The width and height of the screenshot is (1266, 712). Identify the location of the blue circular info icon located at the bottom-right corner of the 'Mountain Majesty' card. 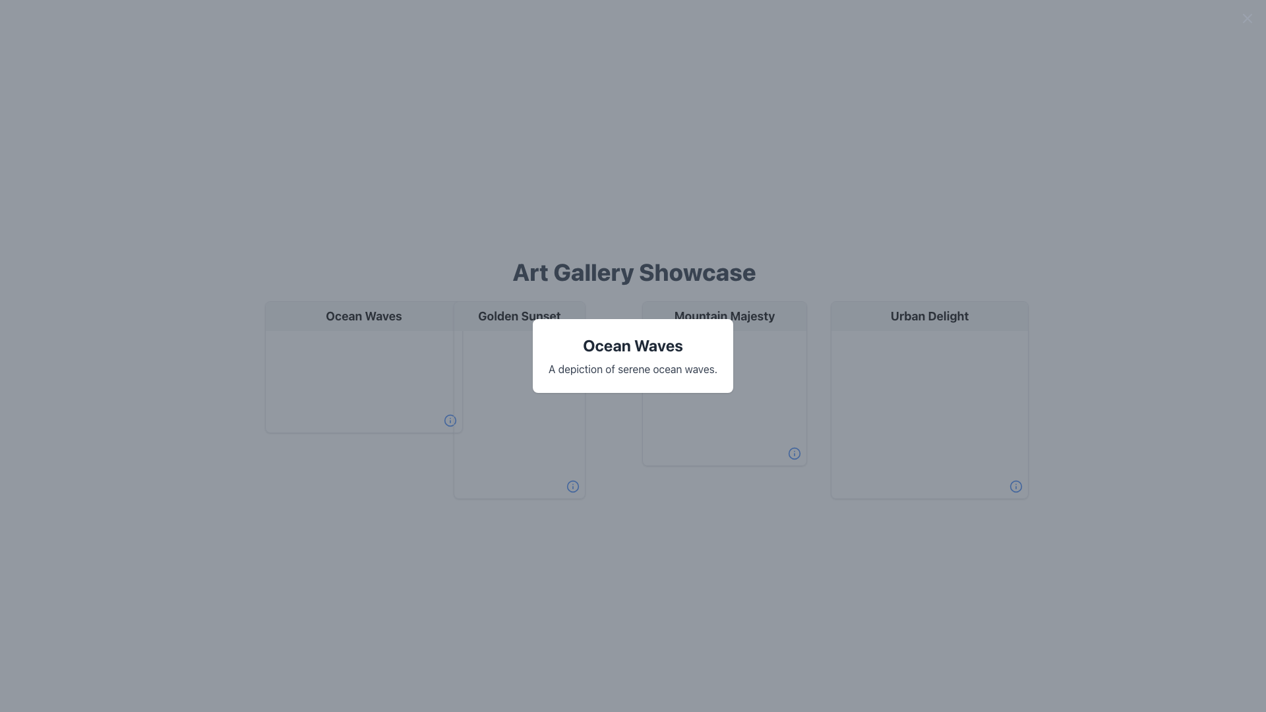
(793, 452).